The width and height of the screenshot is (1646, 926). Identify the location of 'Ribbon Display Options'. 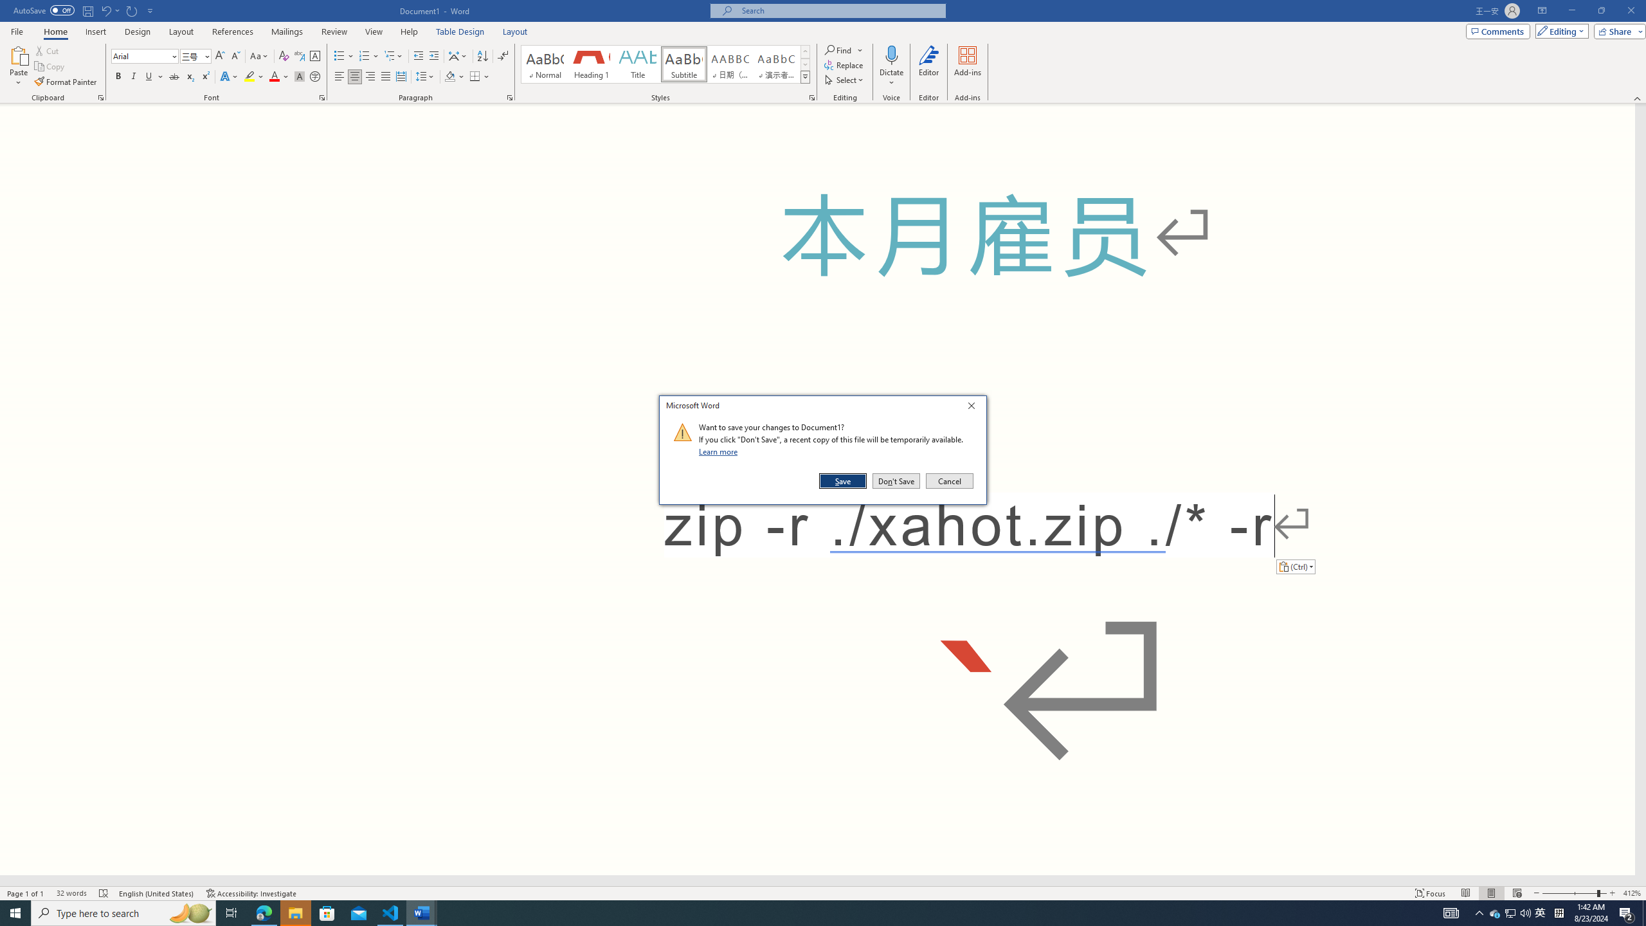
(1541, 10).